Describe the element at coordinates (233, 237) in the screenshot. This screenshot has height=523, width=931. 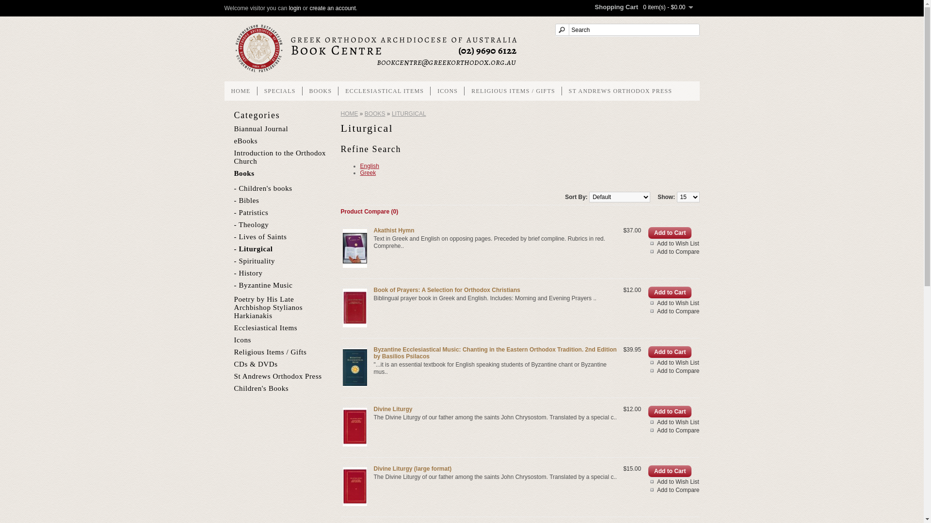
I see `'- Lives of Saints'` at that location.